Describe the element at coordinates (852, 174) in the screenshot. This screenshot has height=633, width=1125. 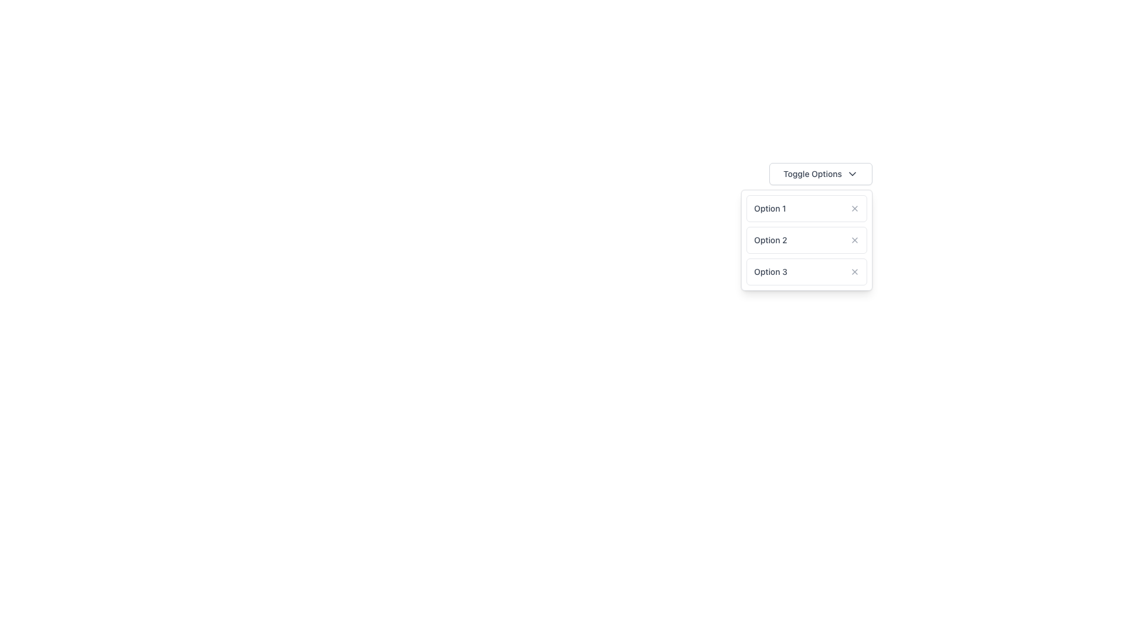
I see `the chevron icon located to the right of the 'Toggle Options' label` at that location.